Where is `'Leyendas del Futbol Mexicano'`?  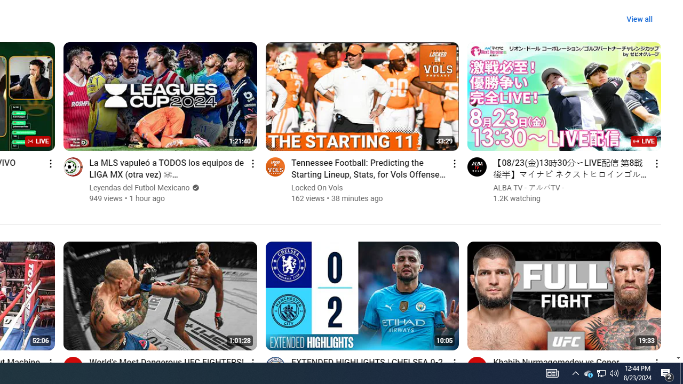
'Leyendas del Futbol Mexicano' is located at coordinates (139, 187).